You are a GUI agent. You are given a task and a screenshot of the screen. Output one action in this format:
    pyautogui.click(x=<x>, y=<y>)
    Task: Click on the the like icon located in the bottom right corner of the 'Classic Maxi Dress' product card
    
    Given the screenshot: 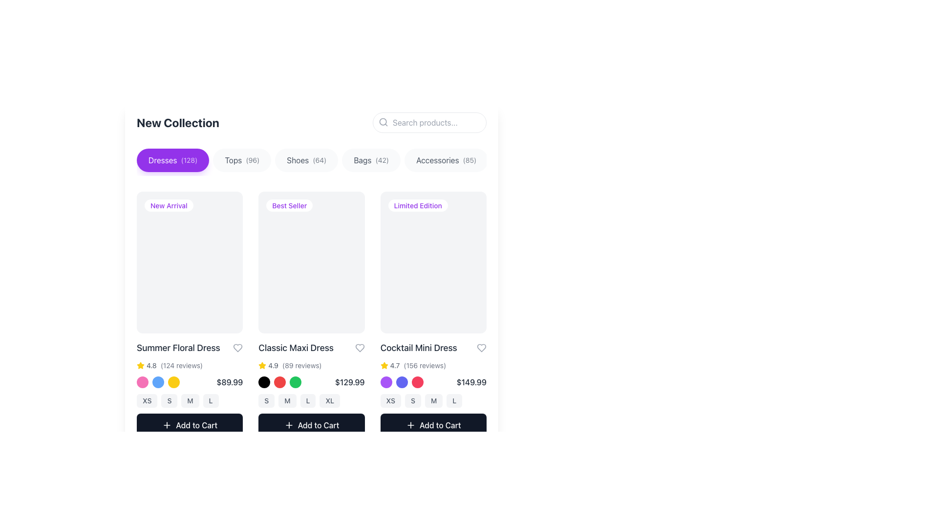 What is the action you would take?
    pyautogui.click(x=238, y=347)
    